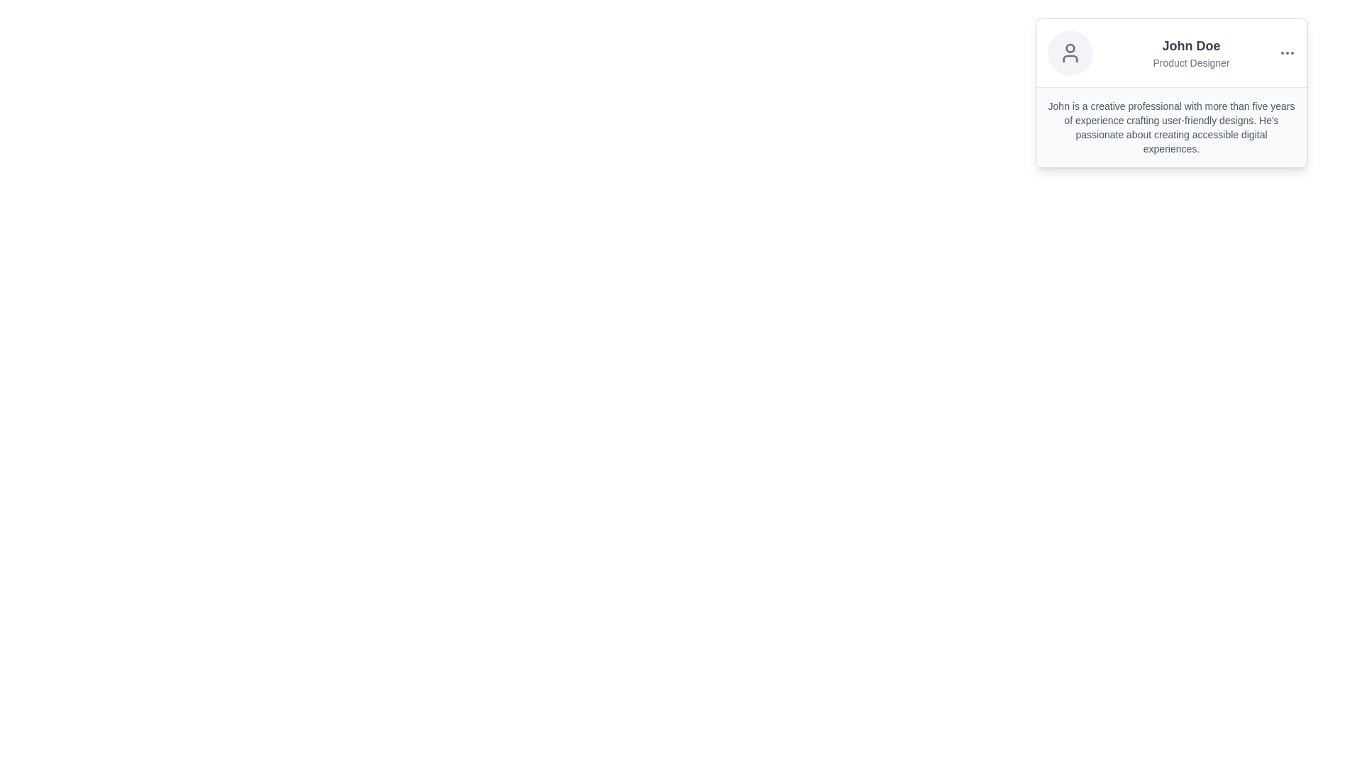  I want to click on the Text Label that serves as the title of the individual in the profile card, located at the top-left corner above the 'Product Designer' text, so click(1191, 45).